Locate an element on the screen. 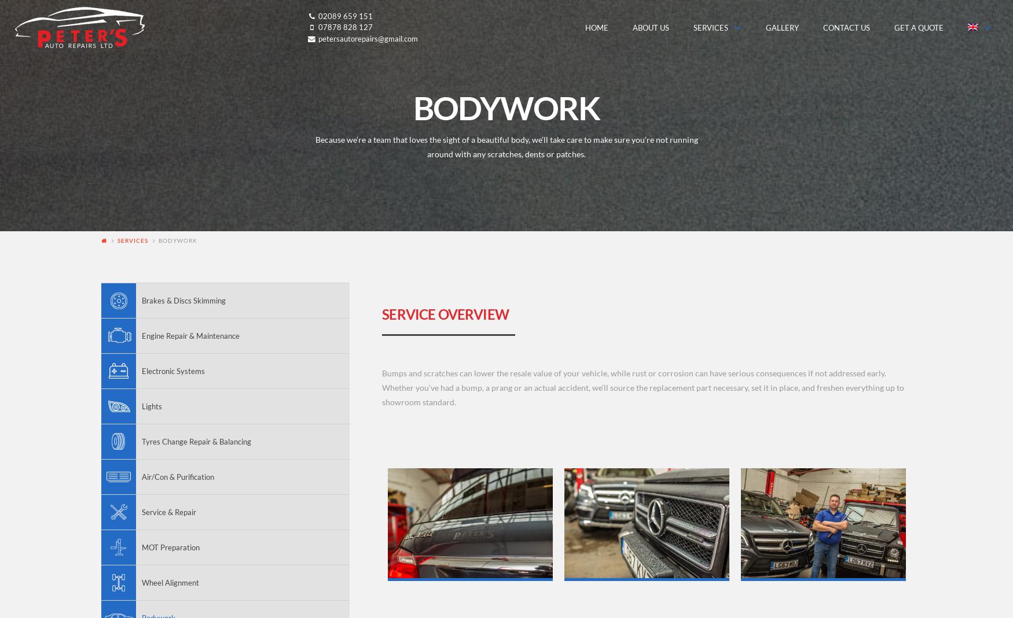  'Tyres Change Repair & Balancing' is located at coordinates (196, 442).